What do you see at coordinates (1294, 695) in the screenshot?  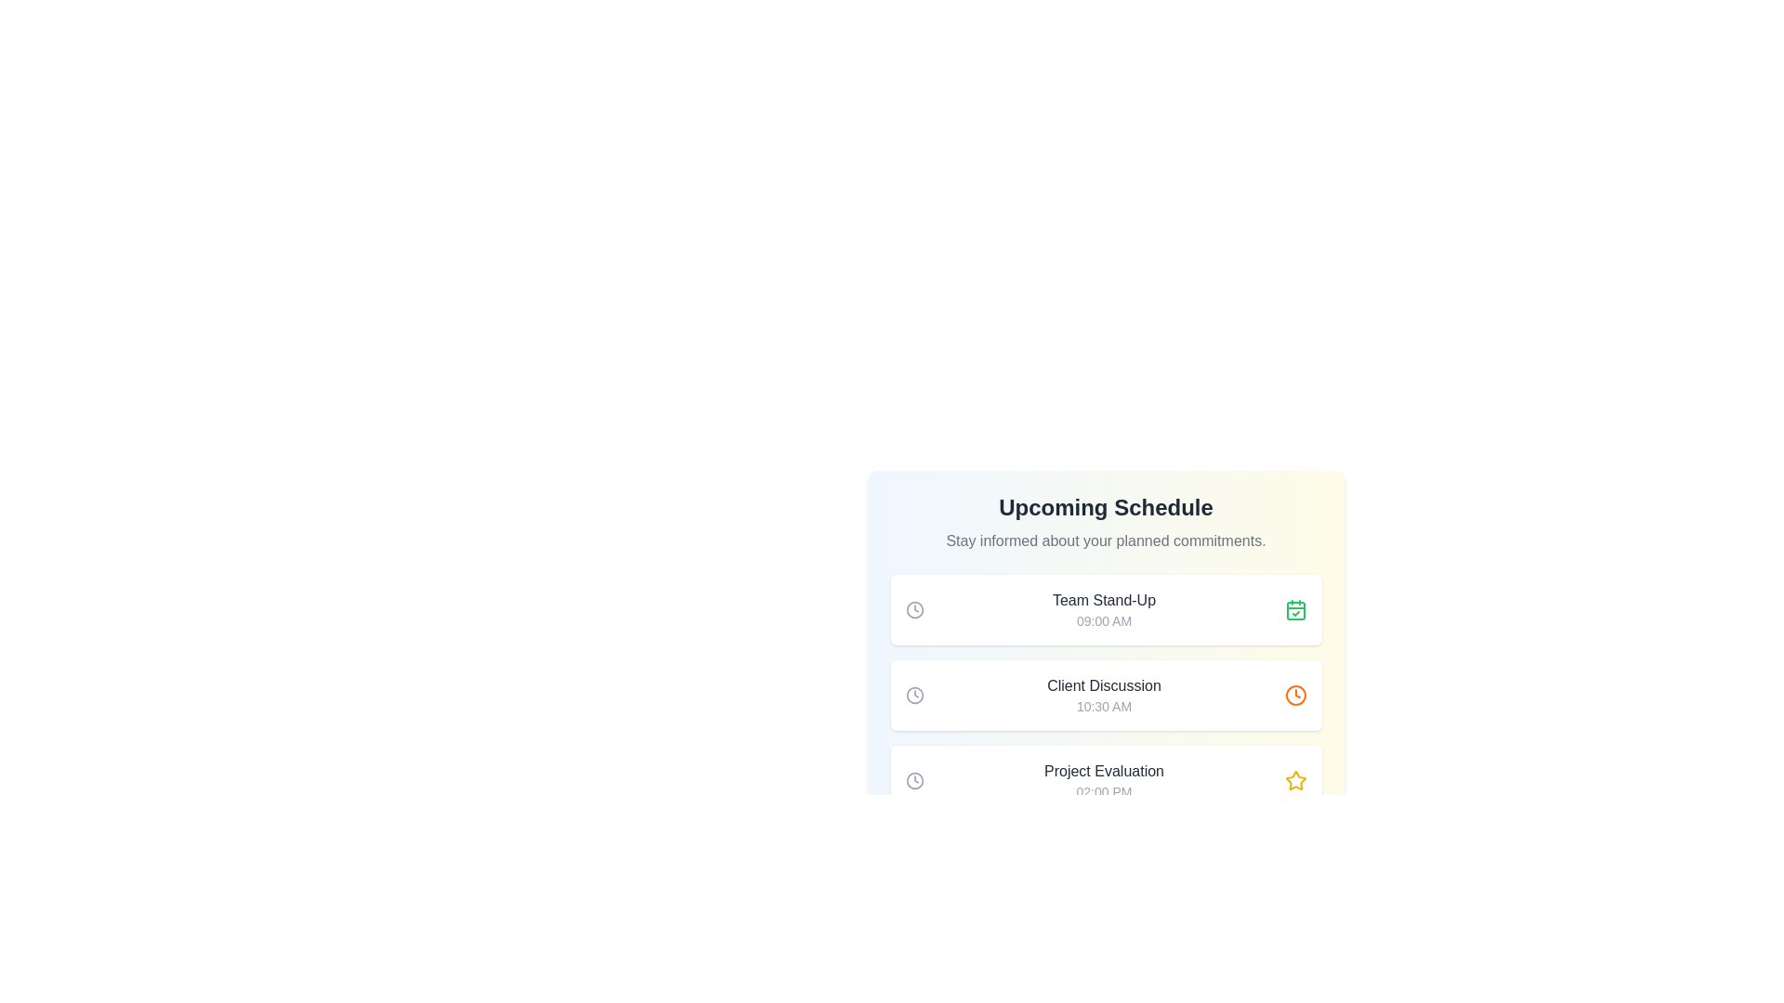 I see `the circular part of the clock icon next to the 'Client Discussion' entry in the schedule list` at bounding box center [1294, 695].